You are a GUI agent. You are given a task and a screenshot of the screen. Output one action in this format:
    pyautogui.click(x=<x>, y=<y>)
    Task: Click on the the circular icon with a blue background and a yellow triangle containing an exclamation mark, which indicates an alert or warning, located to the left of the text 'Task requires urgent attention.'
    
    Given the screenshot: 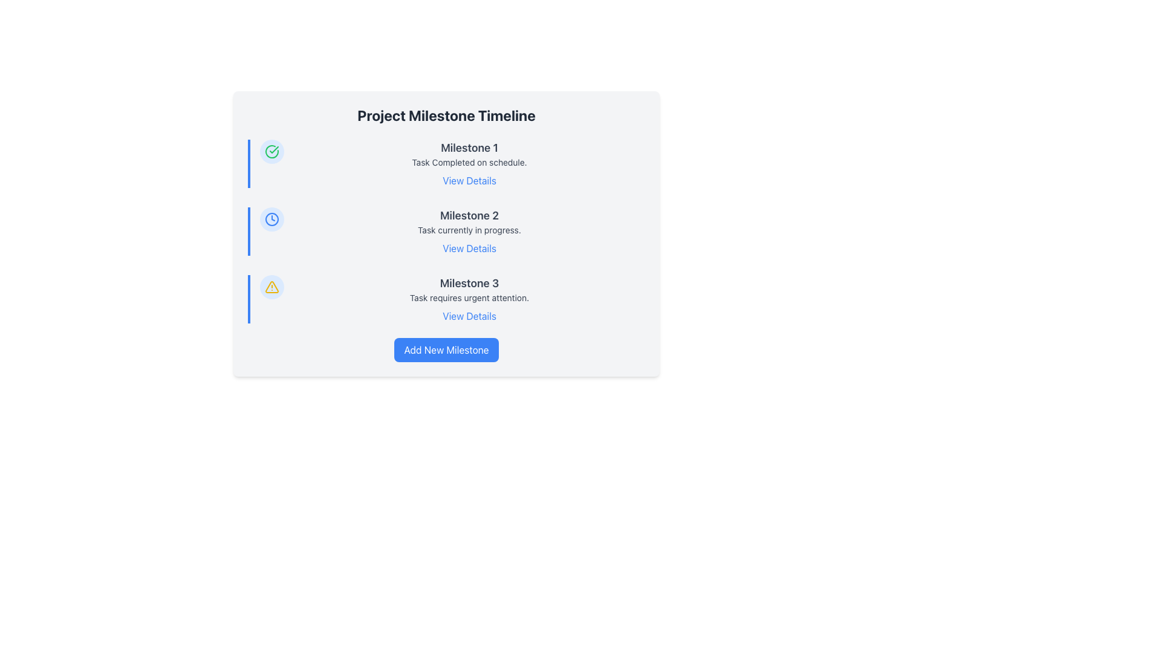 What is the action you would take?
    pyautogui.click(x=272, y=287)
    